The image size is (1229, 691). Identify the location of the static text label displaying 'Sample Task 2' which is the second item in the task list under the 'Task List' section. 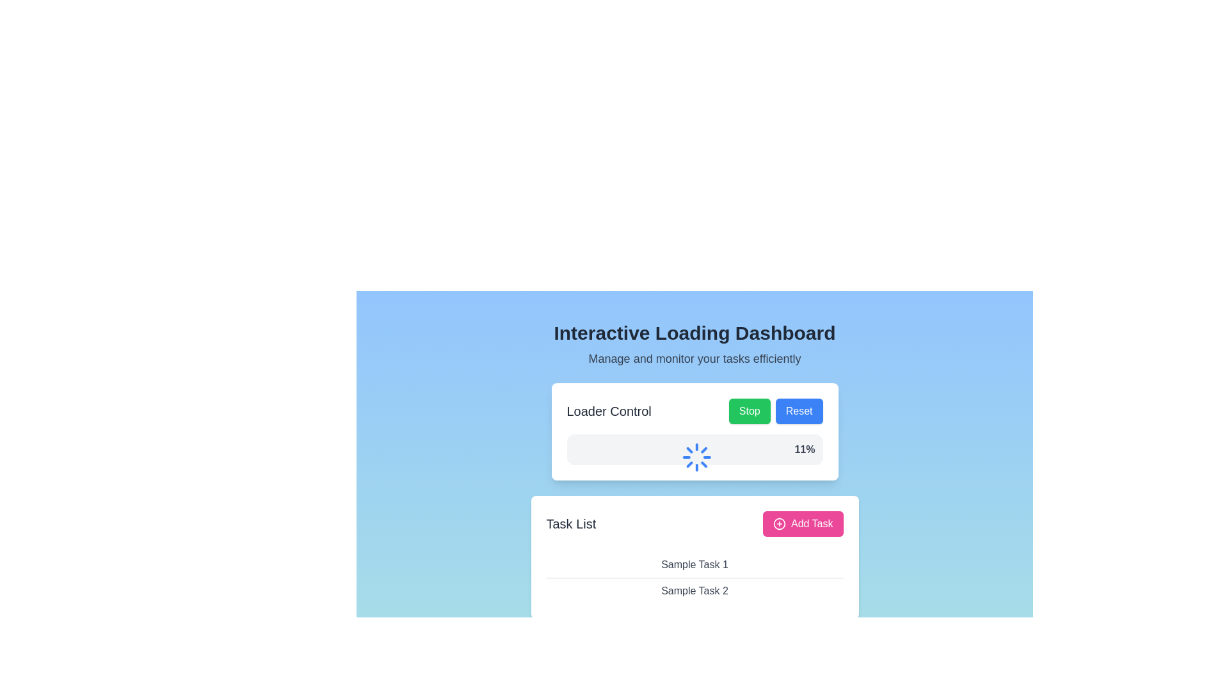
(694, 591).